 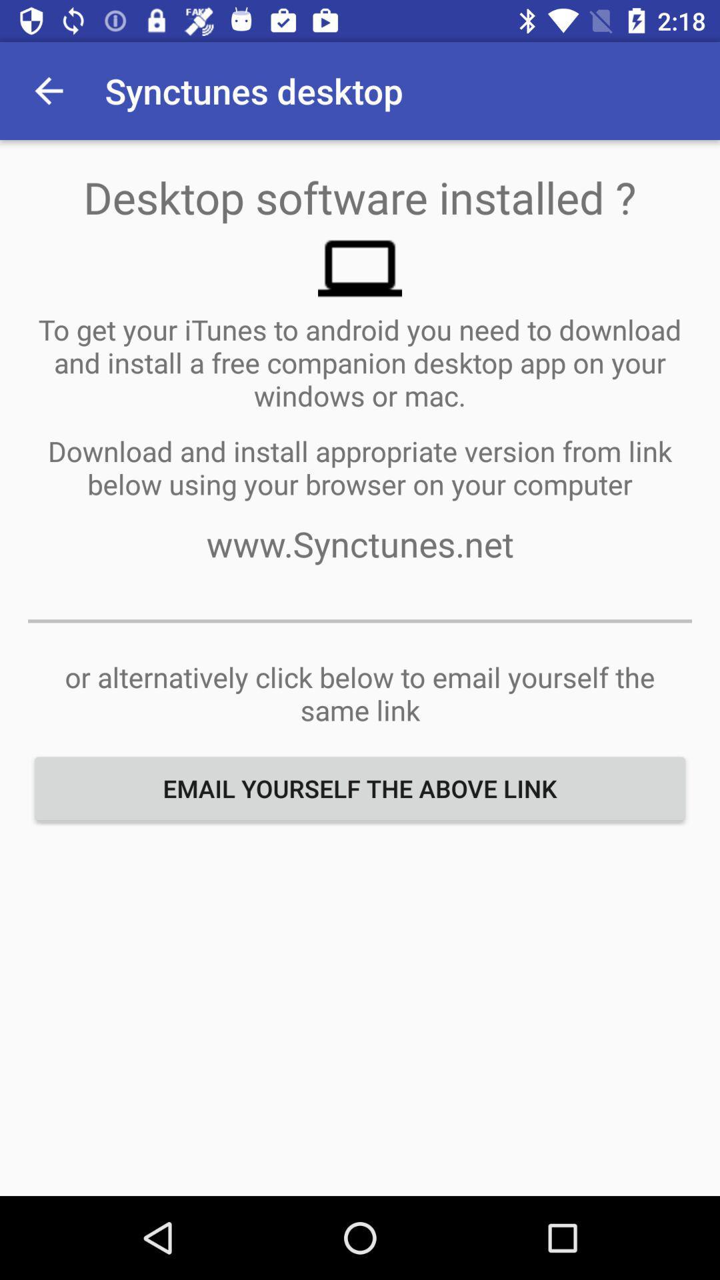 I want to click on icon next to the synctunes desktop app, so click(x=48, y=90).